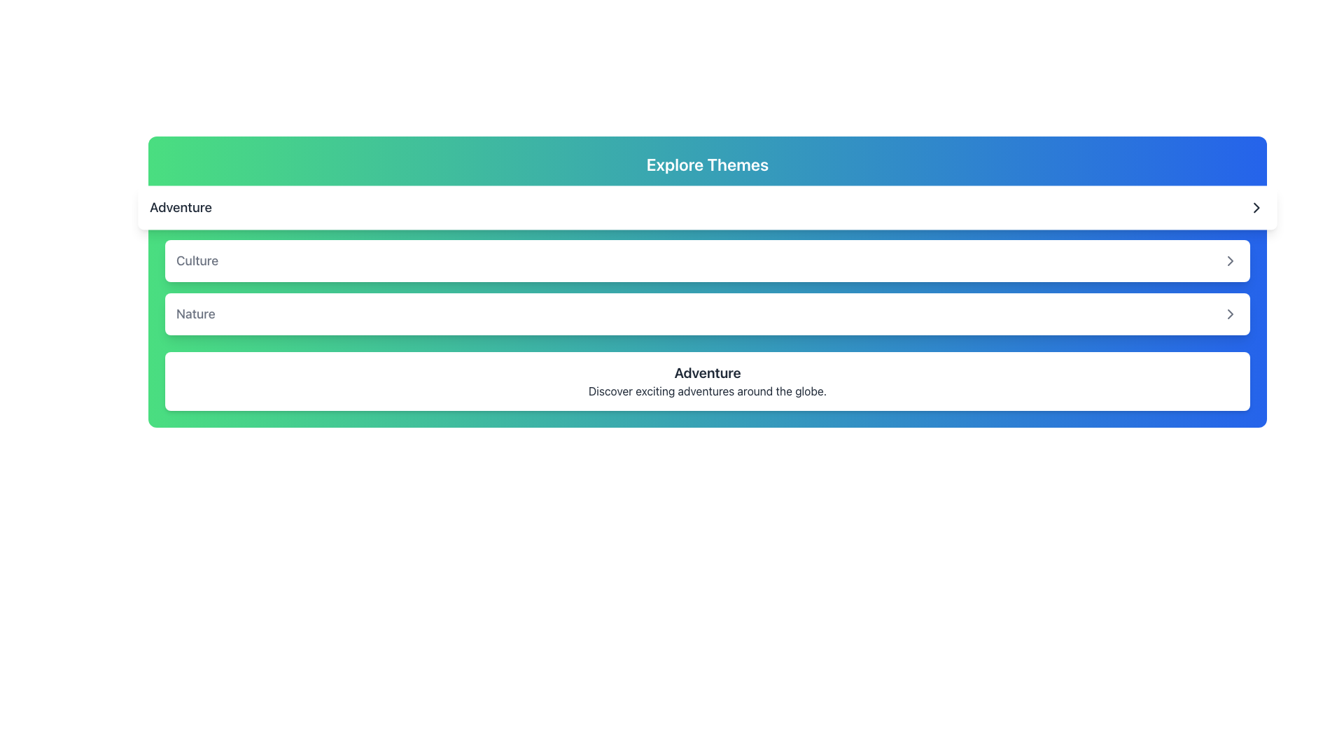 The image size is (1344, 756). What do you see at coordinates (180, 208) in the screenshot?
I see `text label displaying the title 'Adventure', which is positioned towards the top-left section of the UI, adjacent to an arrow icon` at bounding box center [180, 208].